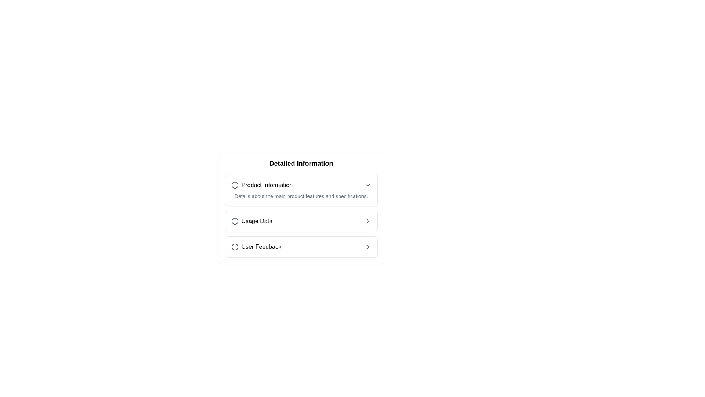 Image resolution: width=705 pixels, height=397 pixels. What do you see at coordinates (234, 185) in the screenshot?
I see `the circular gray icon with an exclamation mark next to the text 'Product Information' in the 'Detailed Information' section` at bounding box center [234, 185].